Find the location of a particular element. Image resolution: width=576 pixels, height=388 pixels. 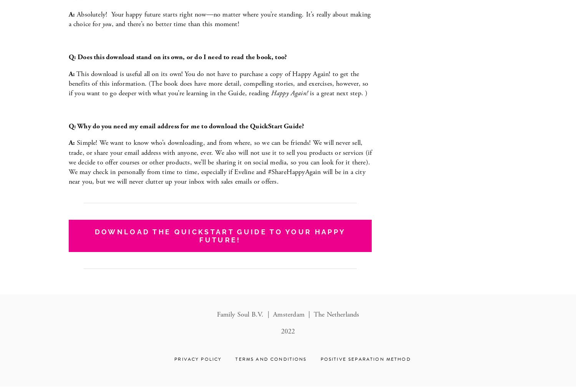

'TERMS AND CONDITIONS' is located at coordinates (270, 359).